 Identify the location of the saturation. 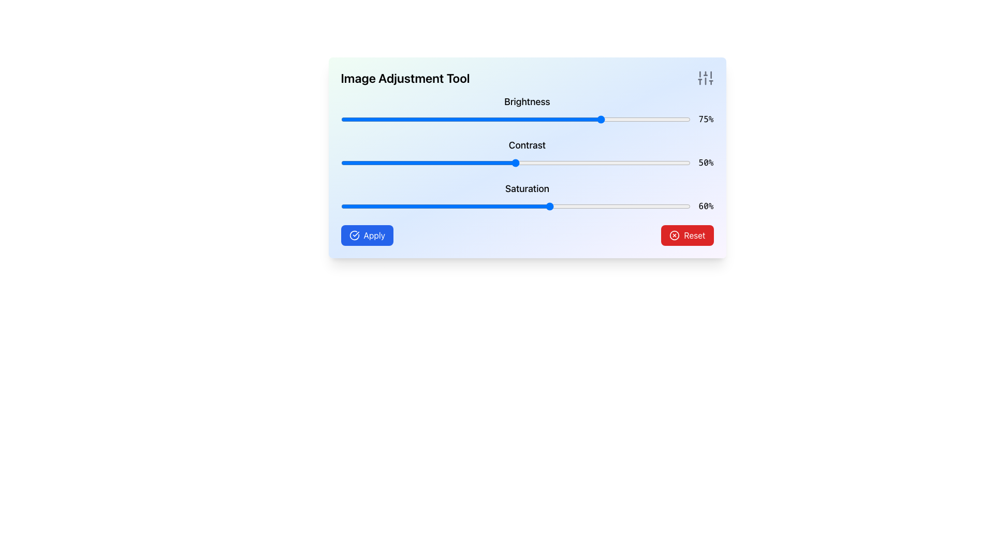
(466, 206).